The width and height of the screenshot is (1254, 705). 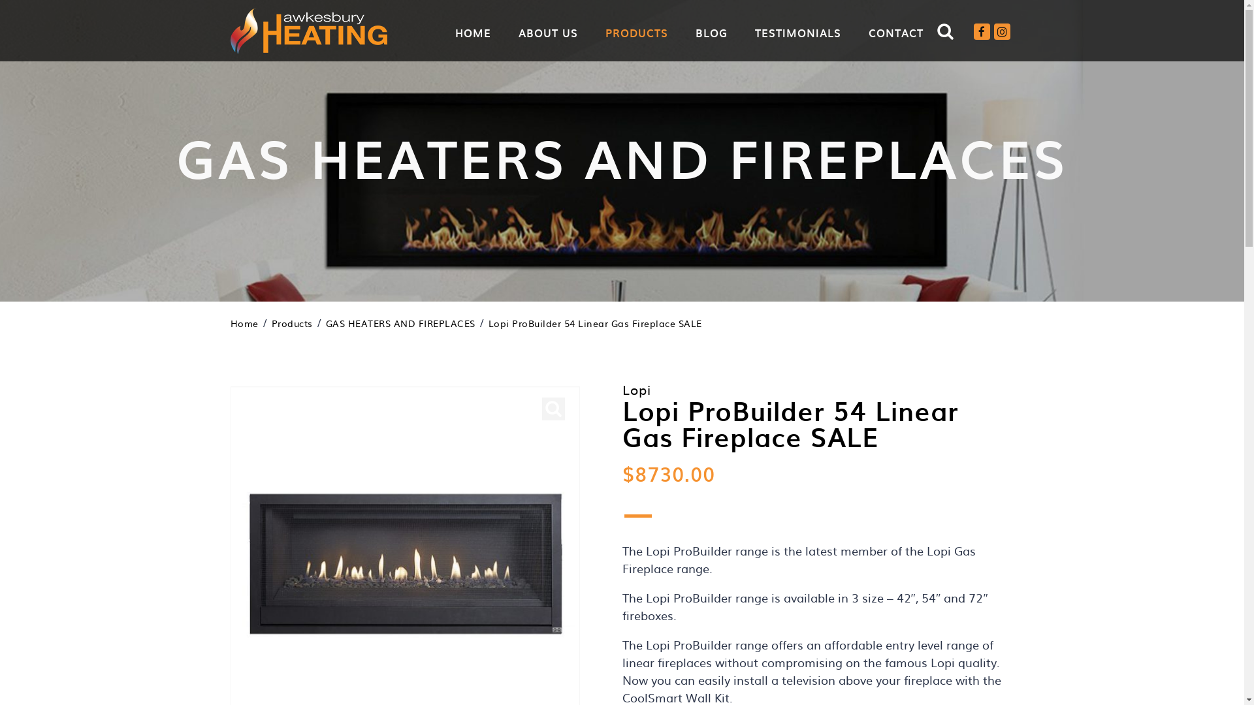 What do you see at coordinates (895, 32) in the screenshot?
I see `'CONTACT'` at bounding box center [895, 32].